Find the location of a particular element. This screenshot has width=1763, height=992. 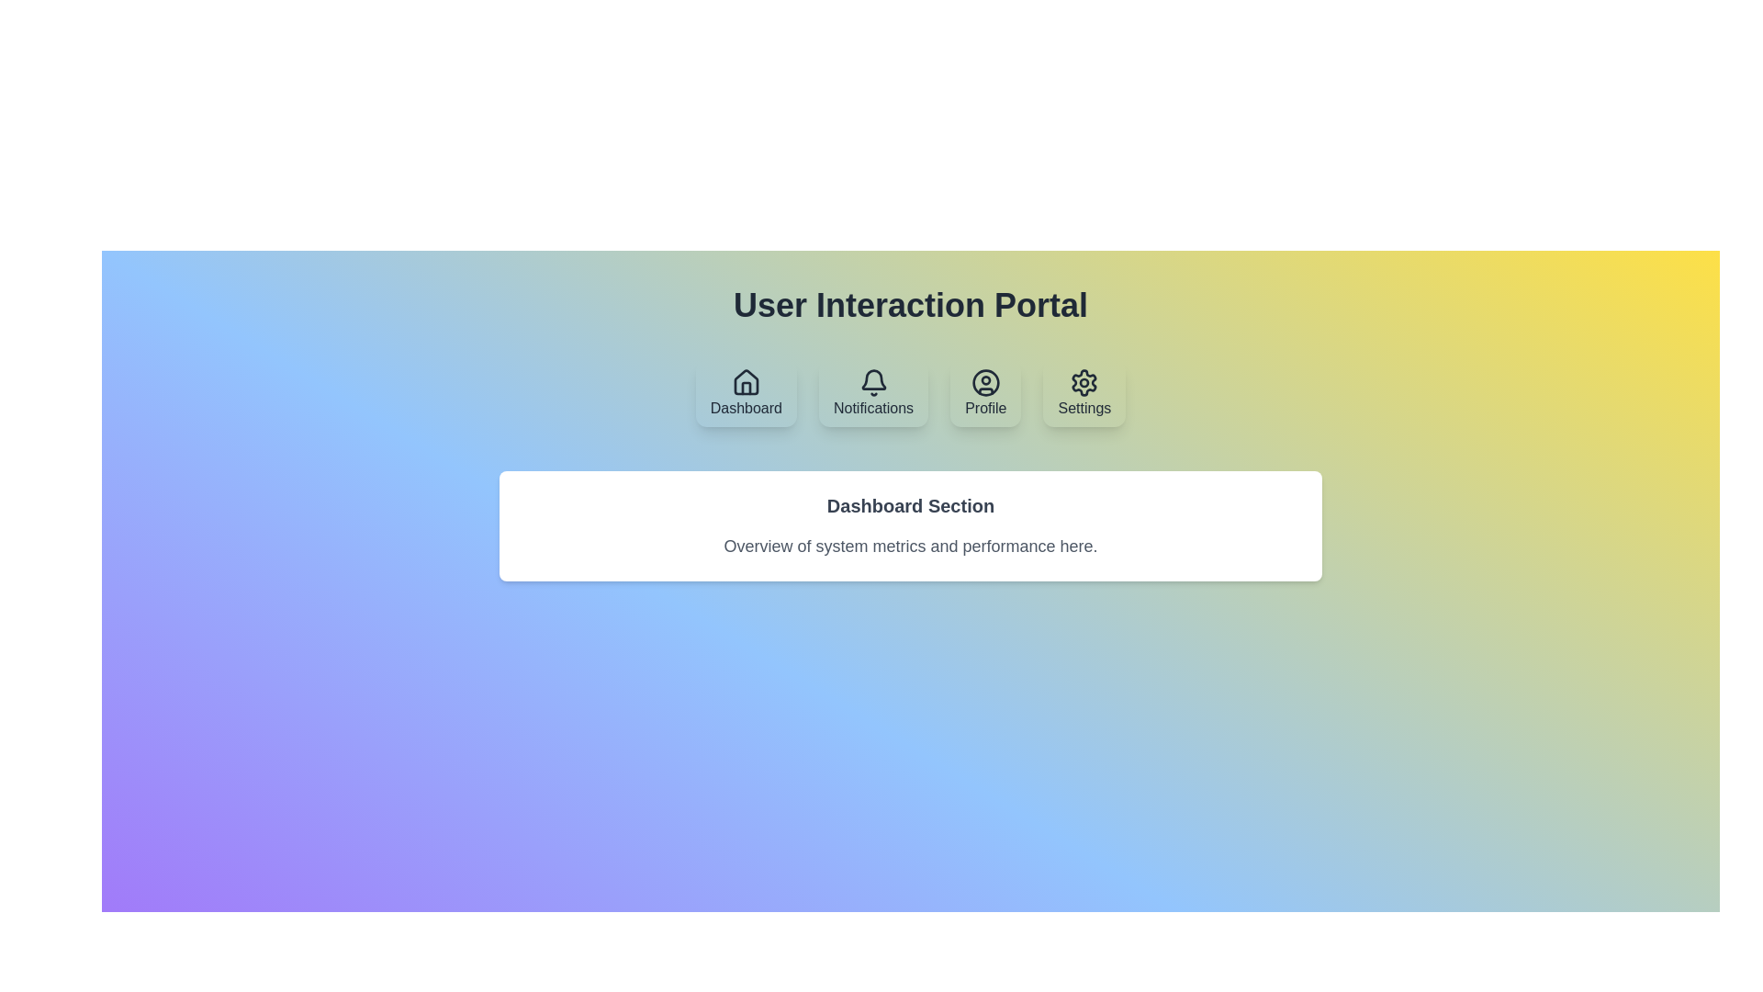

the tab labeled Dashboard to display its content is located at coordinates (745, 392).